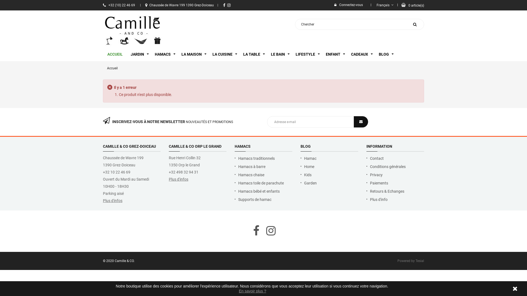 The height and width of the screenshot is (296, 527). I want to click on 'Paiements', so click(366, 183).